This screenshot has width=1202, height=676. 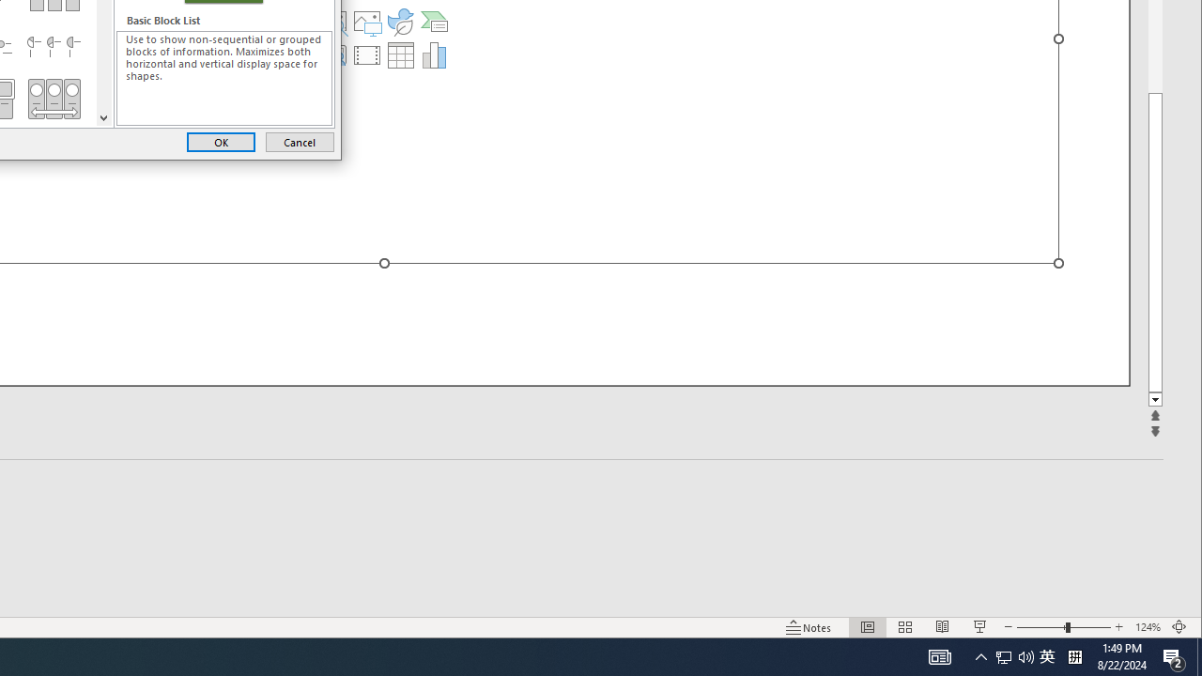 I want to click on 'Insert Chart', so click(x=433, y=54).